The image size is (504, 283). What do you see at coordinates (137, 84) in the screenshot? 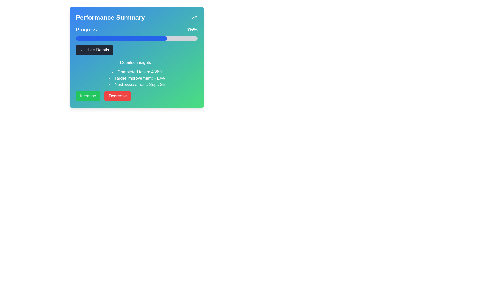
I see `the text label displaying 'Next assessment: Sept. 25' in white font on a green background, which is the third item in a bullet-point list under 'Detailed insights'` at bounding box center [137, 84].